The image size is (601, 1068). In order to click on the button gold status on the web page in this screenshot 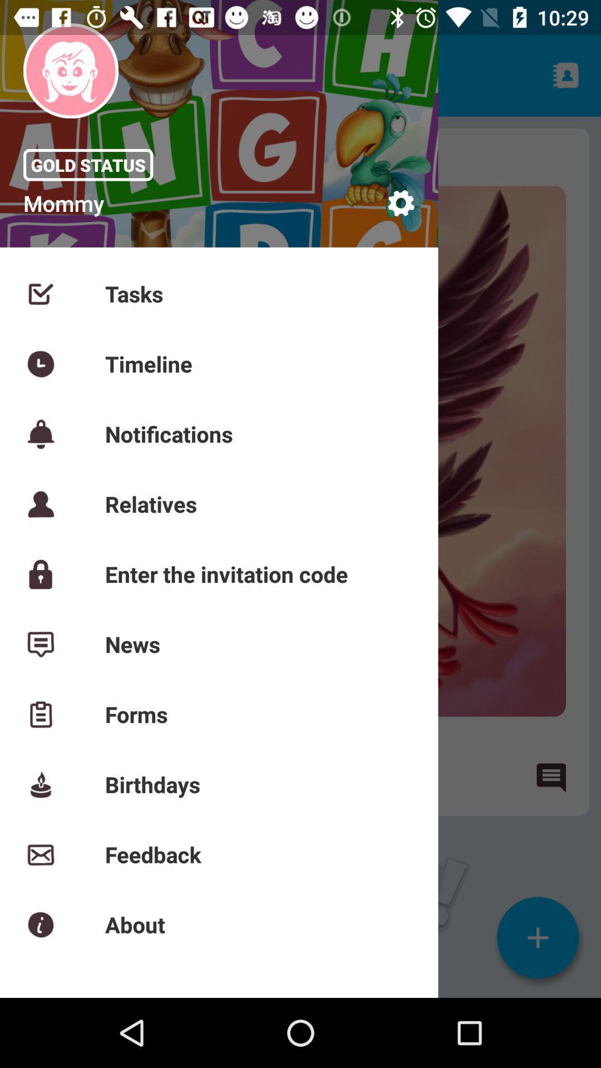, I will do `click(87, 165)`.